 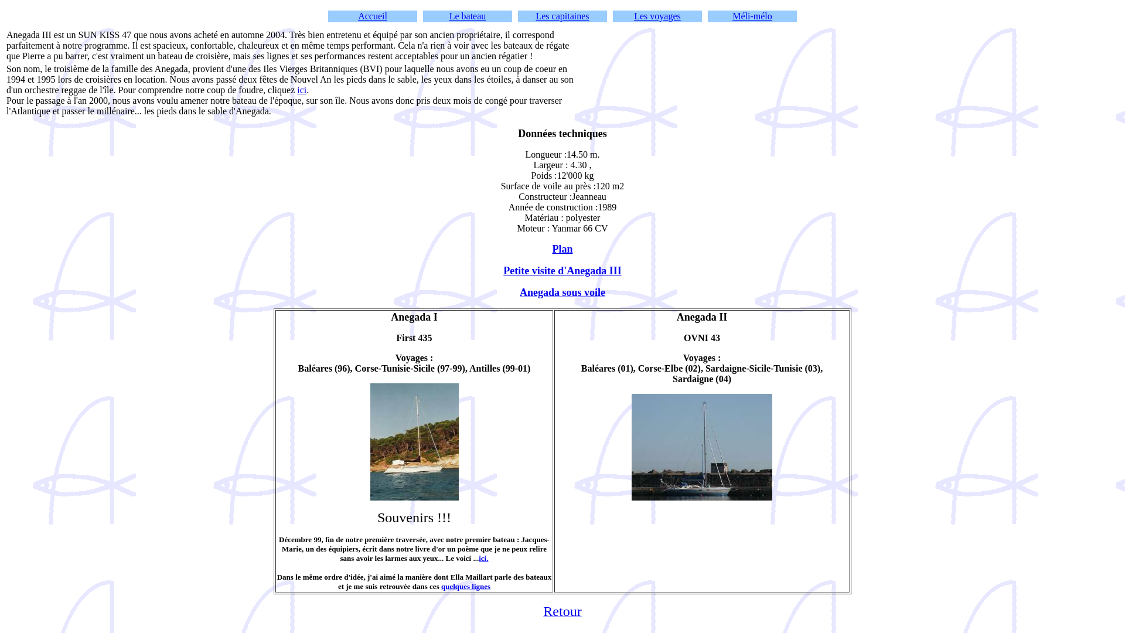 I want to click on 'Les voyages', so click(x=657, y=16).